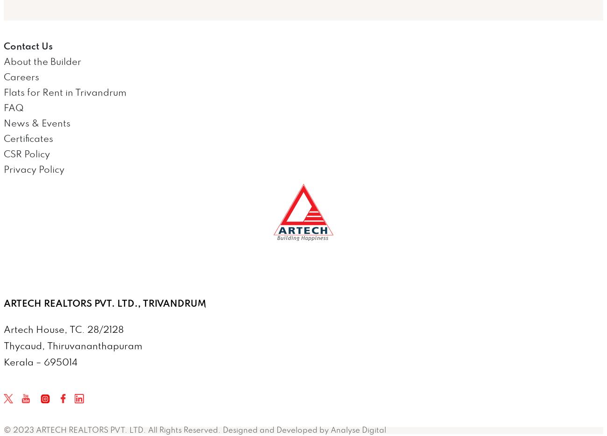 This screenshot has width=607, height=436. What do you see at coordinates (21, 77) in the screenshot?
I see `'Careers'` at bounding box center [21, 77].